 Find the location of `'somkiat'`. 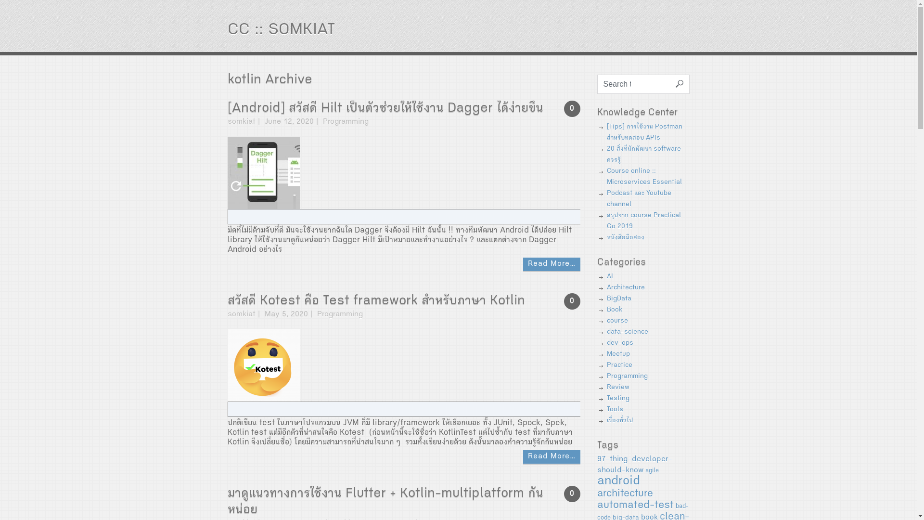

'somkiat' is located at coordinates (241, 122).